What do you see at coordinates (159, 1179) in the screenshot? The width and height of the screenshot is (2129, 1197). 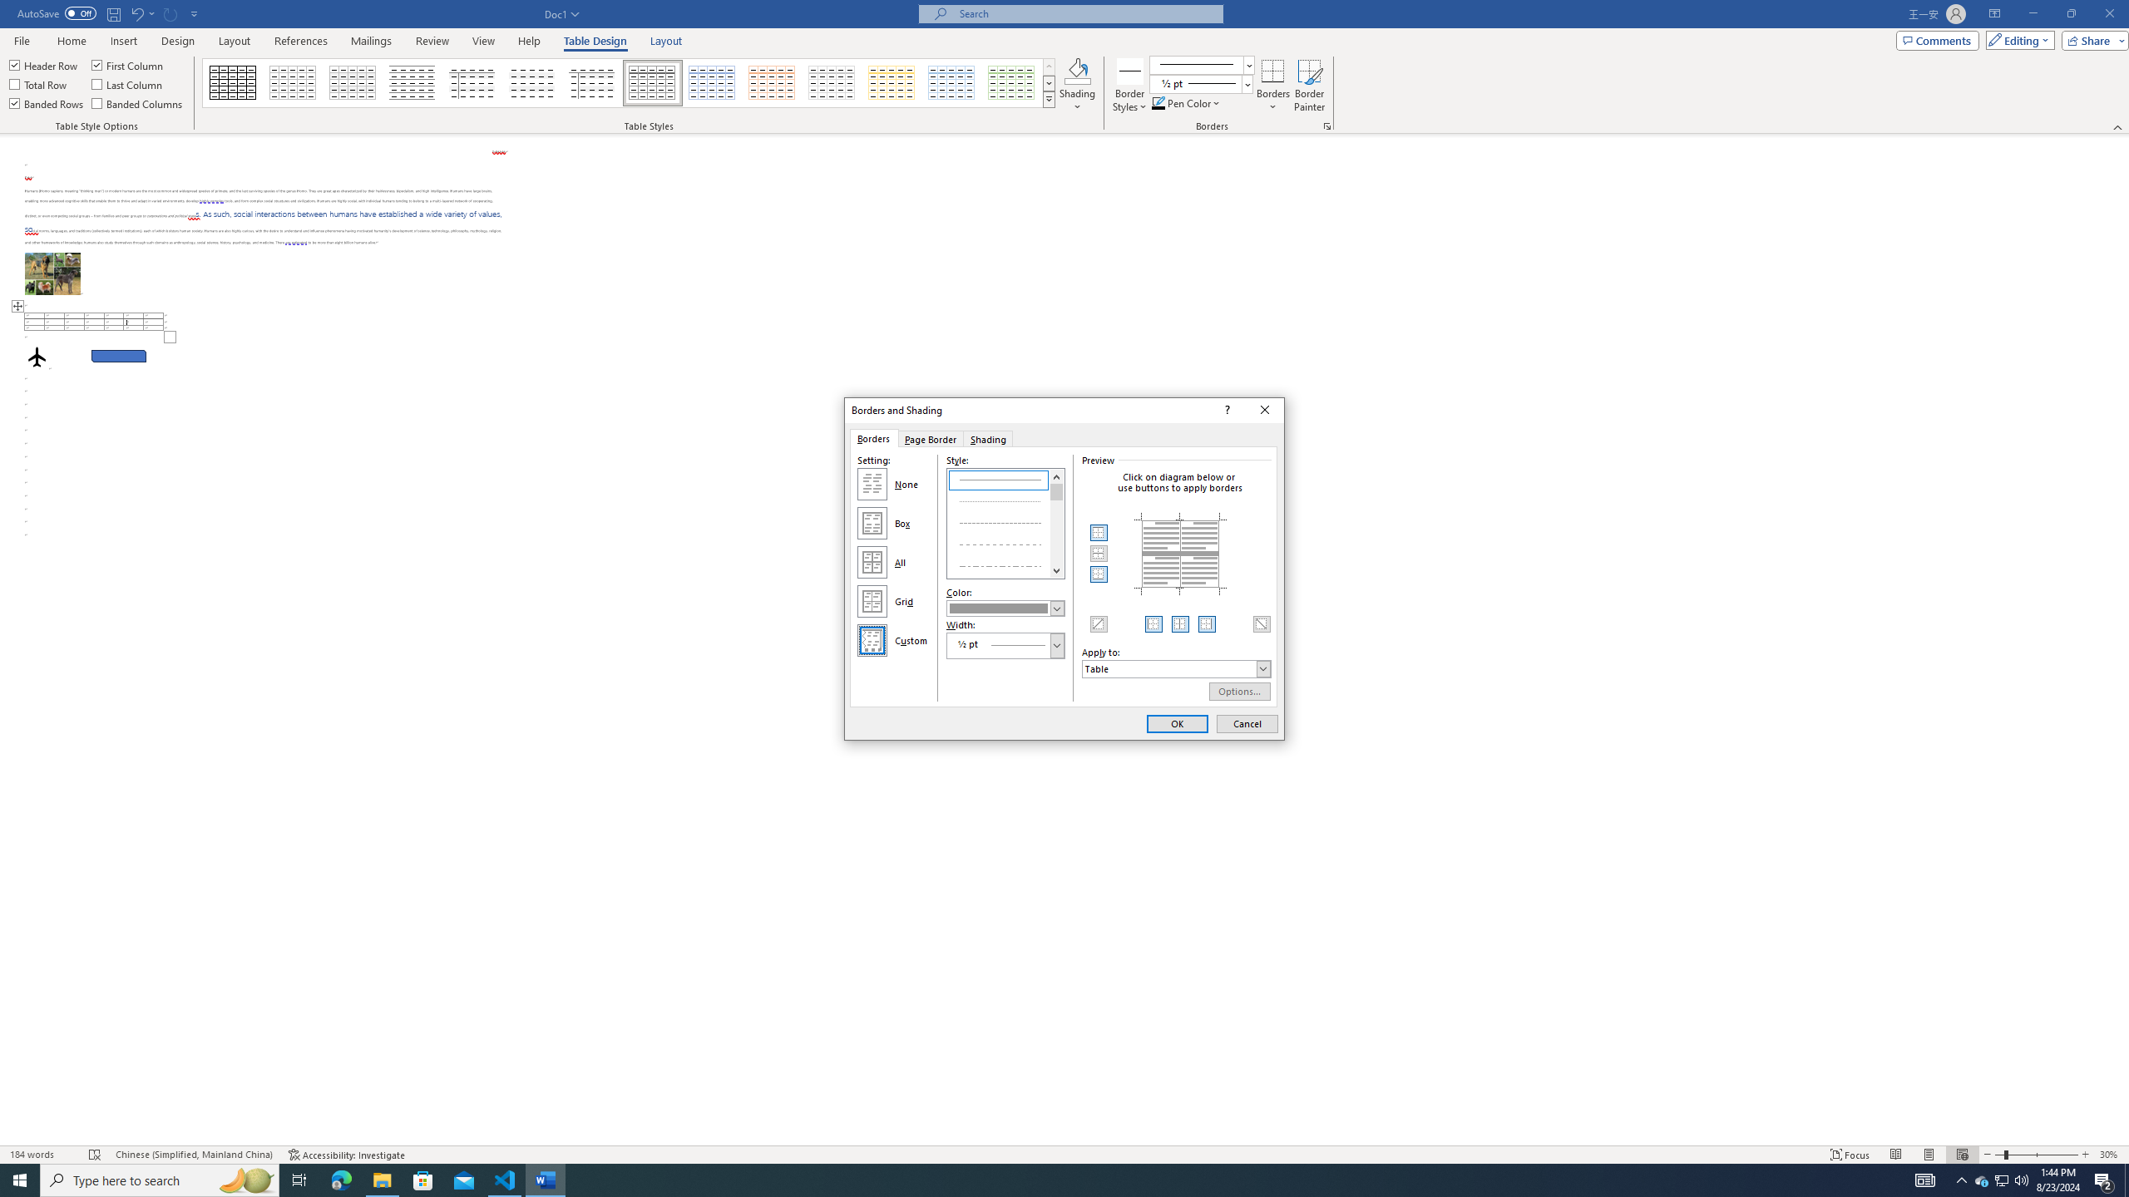 I see `'Type here to search'` at bounding box center [159, 1179].